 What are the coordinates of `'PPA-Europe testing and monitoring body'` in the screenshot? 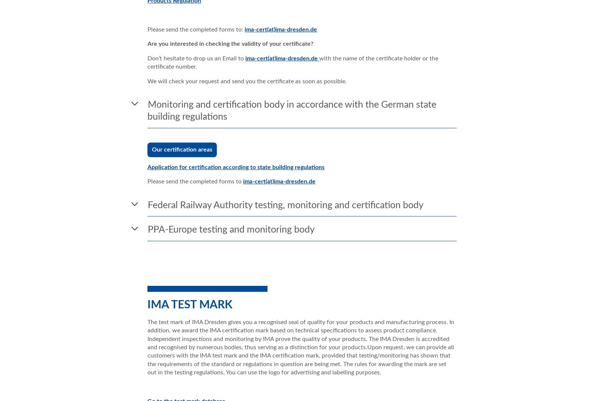 It's located at (147, 230).